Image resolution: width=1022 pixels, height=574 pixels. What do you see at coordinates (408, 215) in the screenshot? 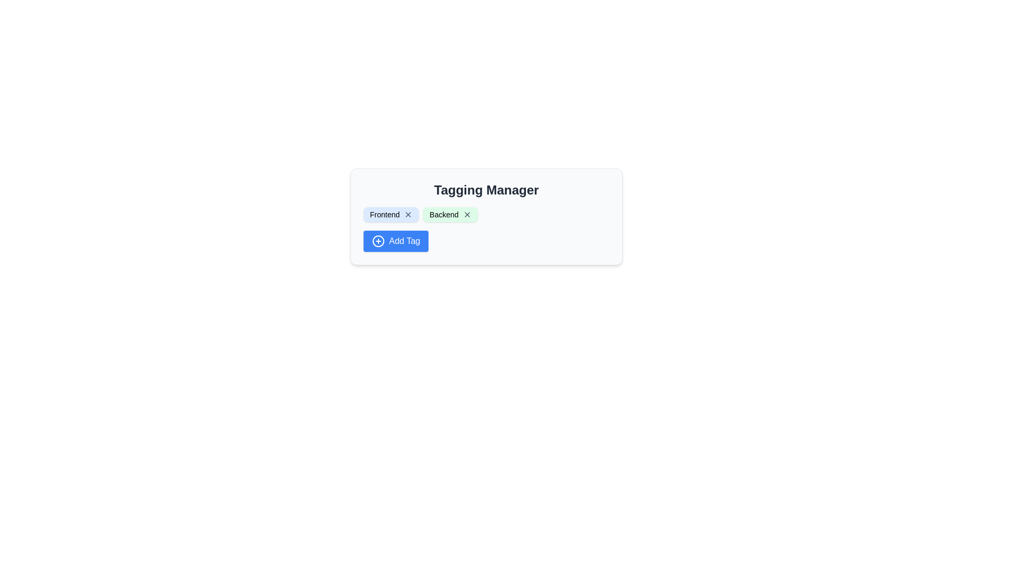
I see `the close button icon resembling an 'X' located` at bounding box center [408, 215].